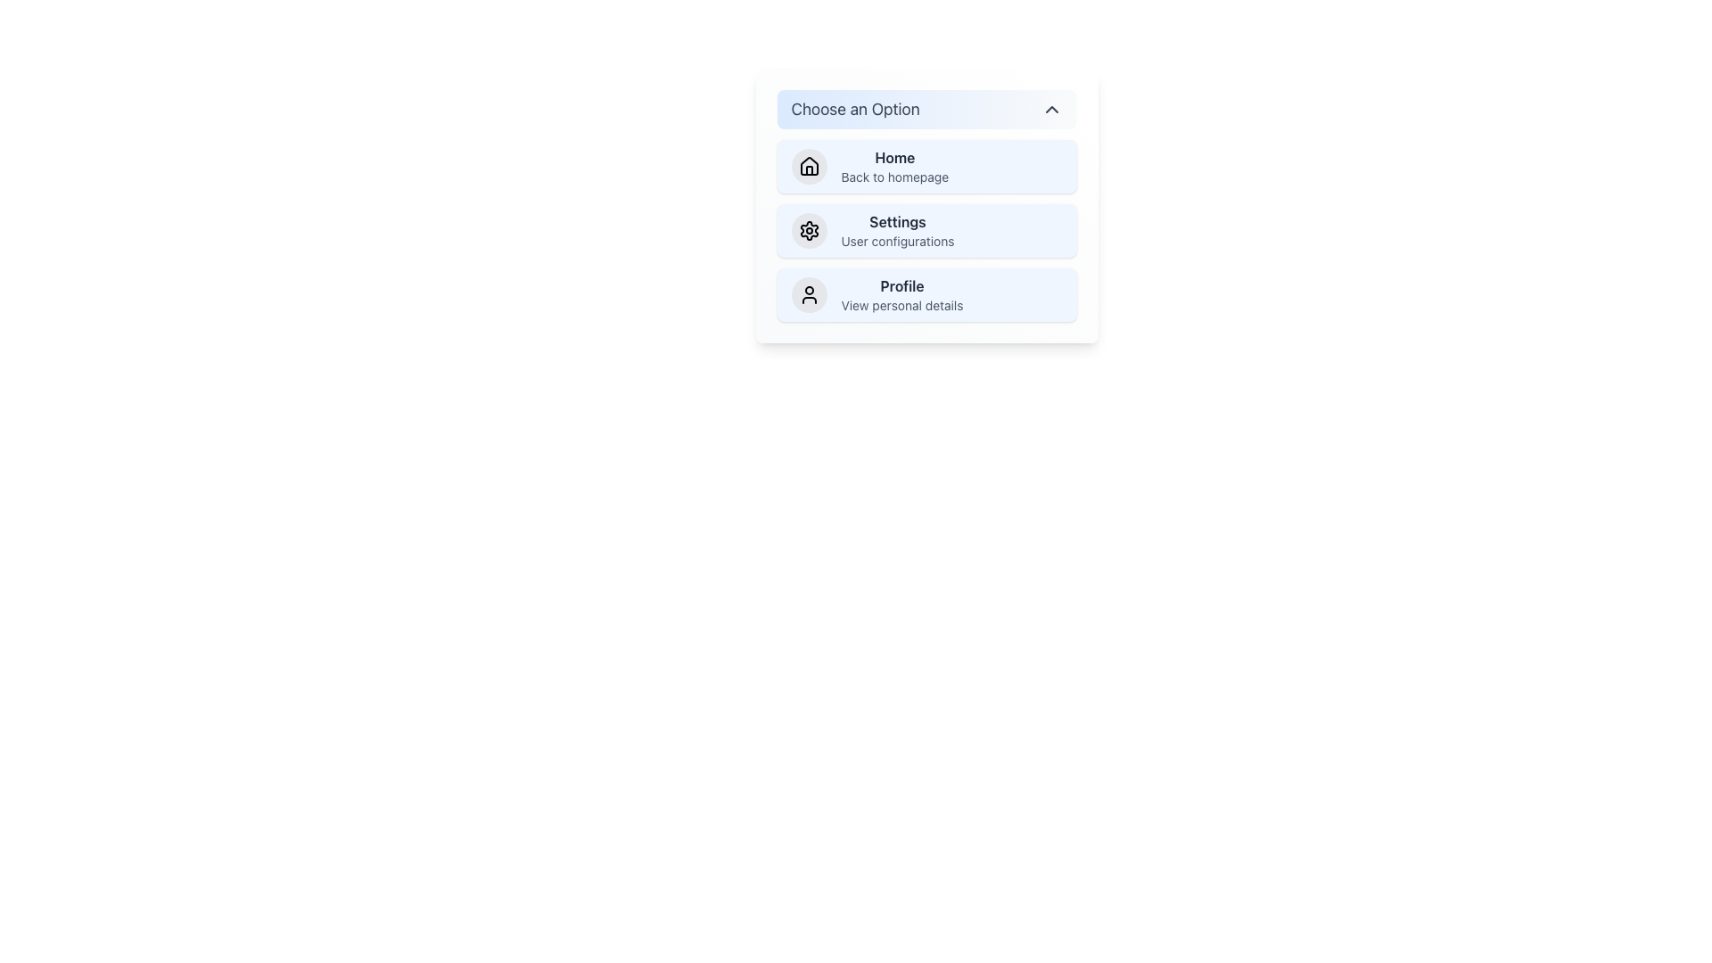 The height and width of the screenshot is (963, 1712). What do you see at coordinates (898, 221) in the screenshot?
I see `the Static Text label displaying 'Settings', which is located in the center of the button above the subtitle 'User configurations'` at bounding box center [898, 221].